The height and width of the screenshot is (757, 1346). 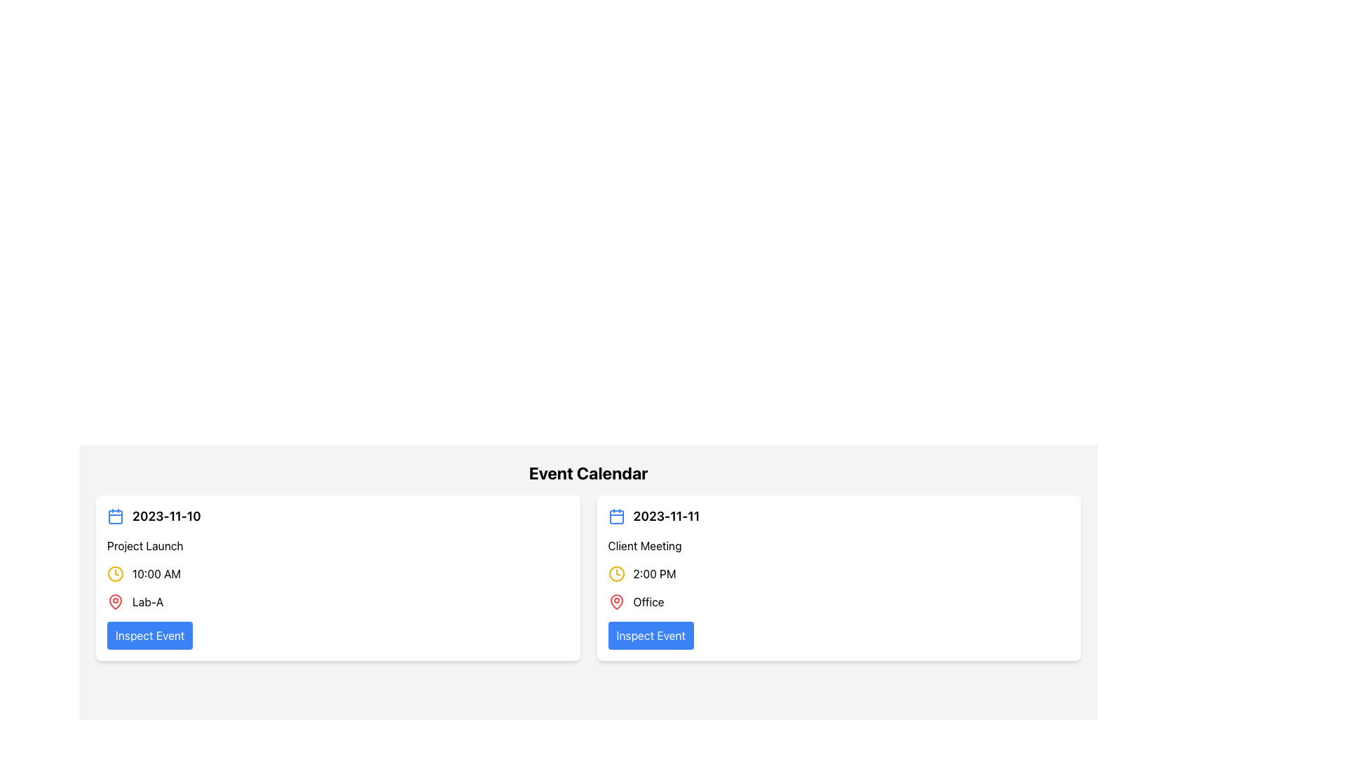 What do you see at coordinates (616, 573) in the screenshot?
I see `the event time detail icon located in the right event card under 'Event Calendar', positioned above the location indicator and next to the '2:00 PM' text` at bounding box center [616, 573].